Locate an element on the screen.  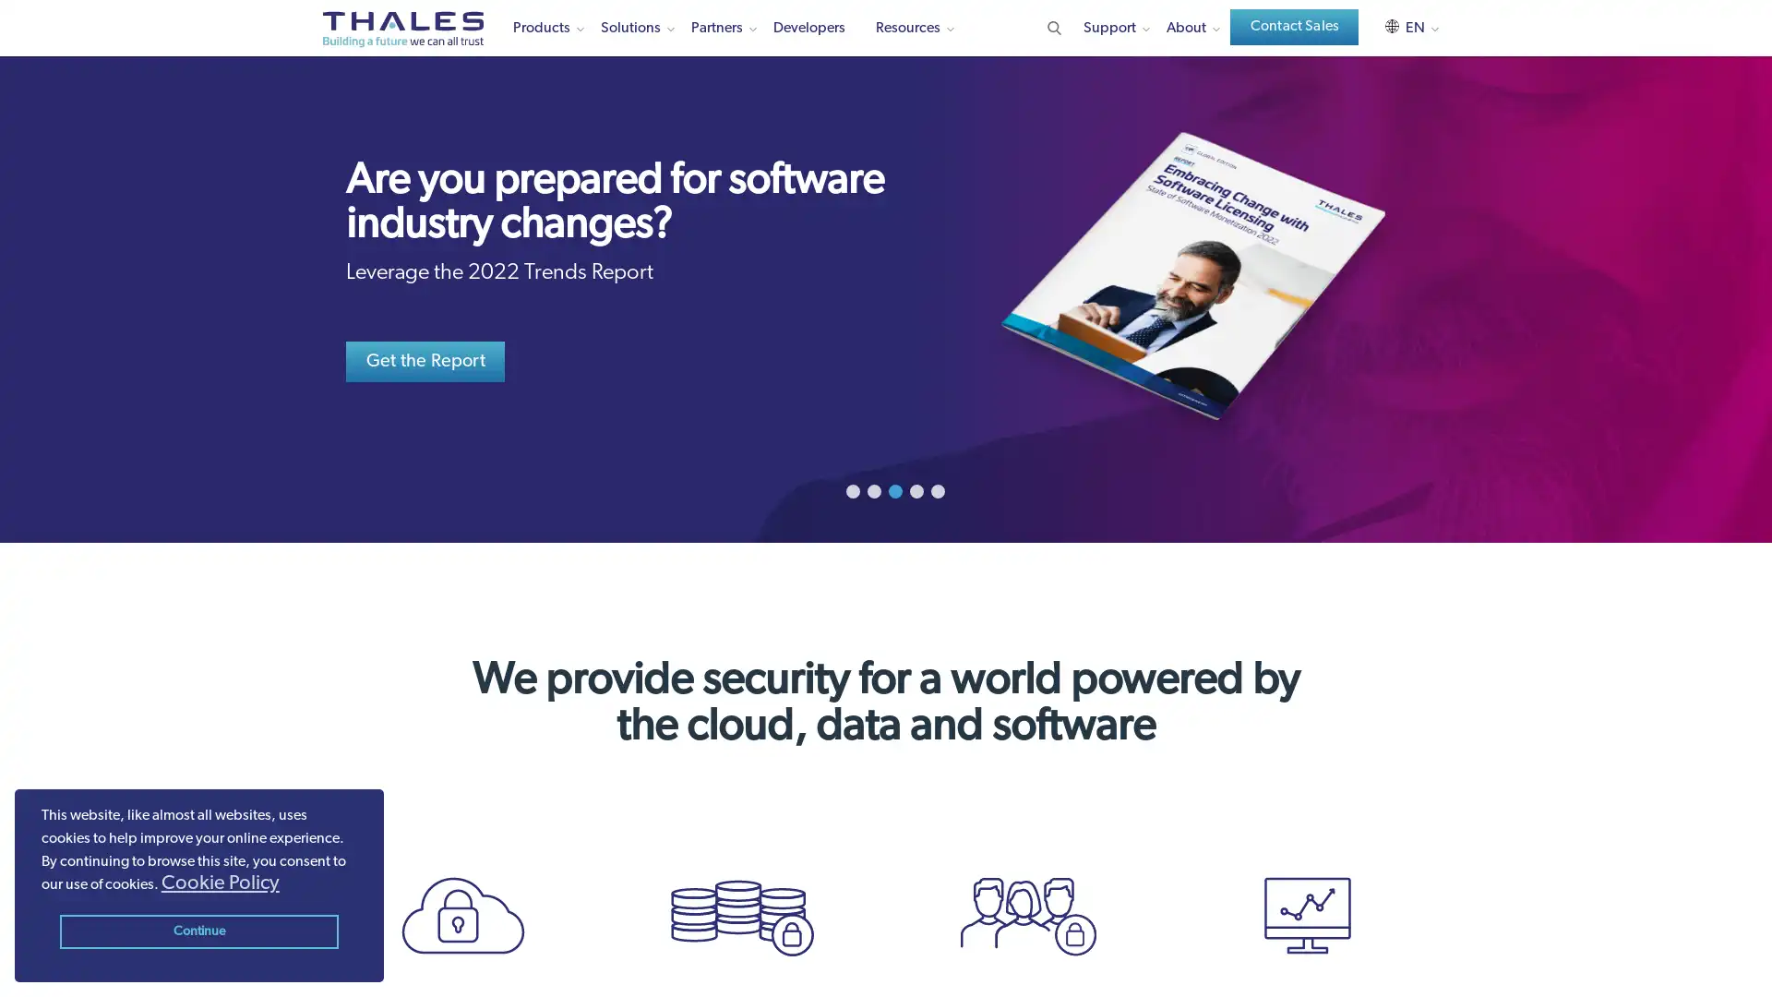
learn more about cookies is located at coordinates (220, 883).